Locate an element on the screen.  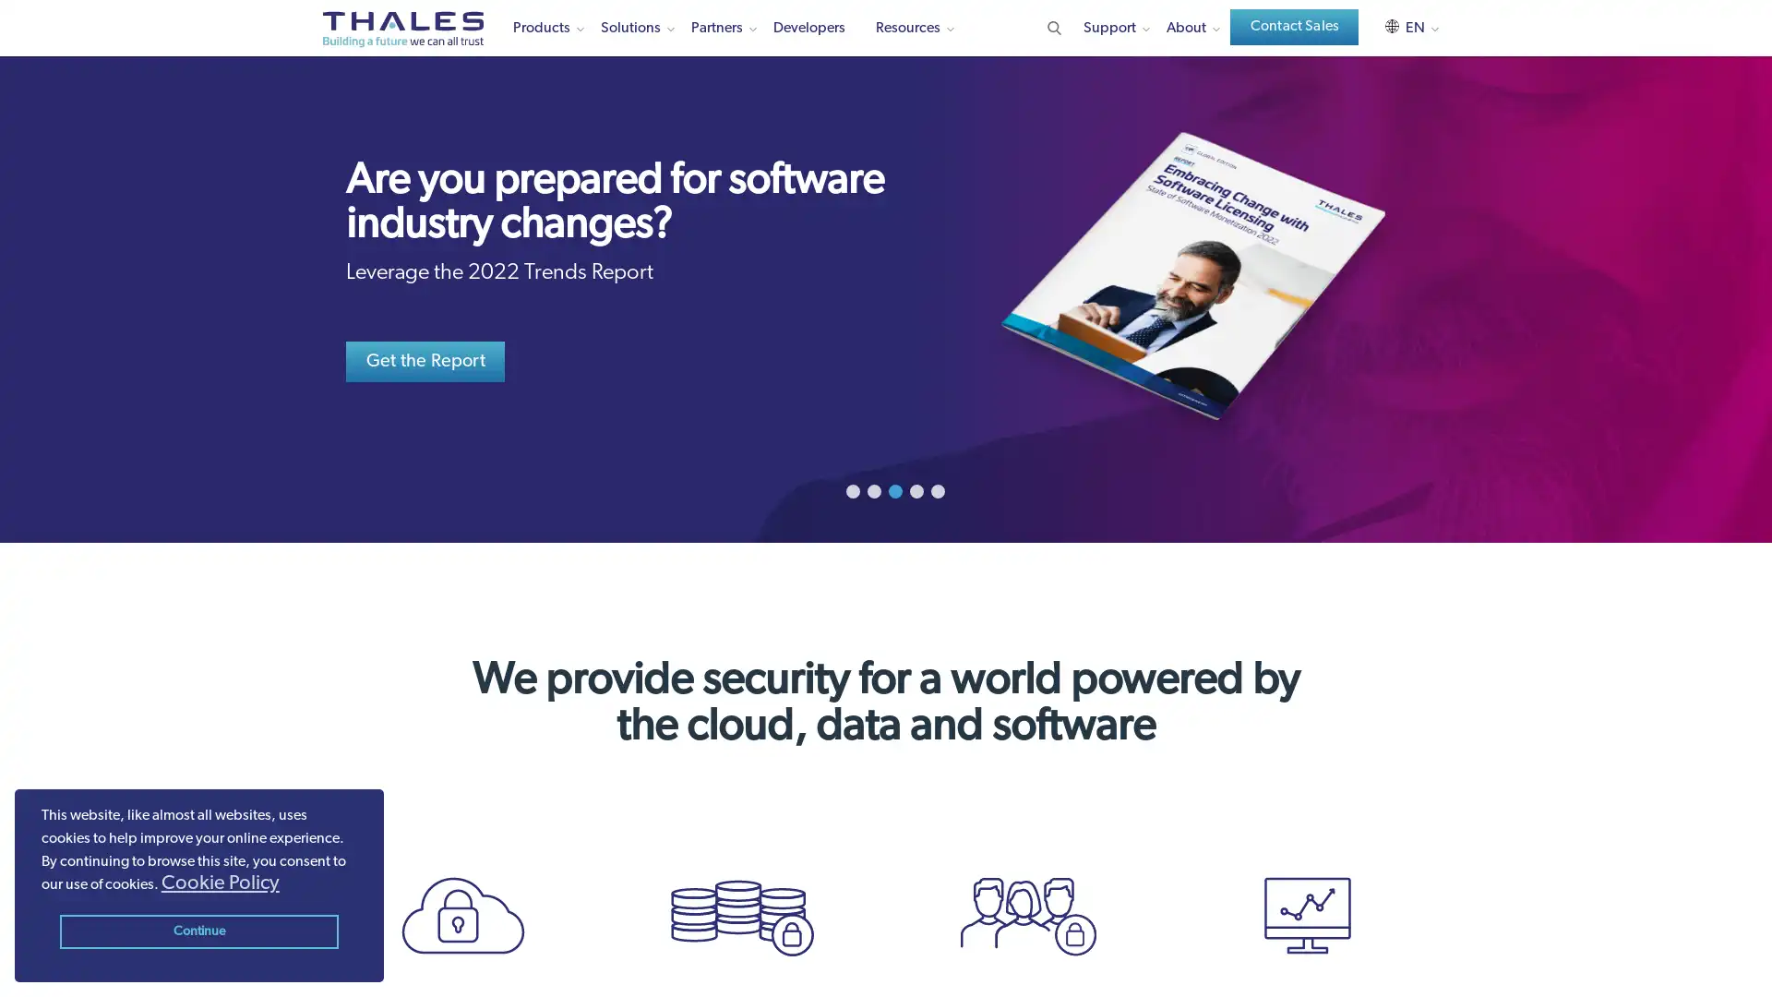
learn more about cookies is located at coordinates (220, 883).